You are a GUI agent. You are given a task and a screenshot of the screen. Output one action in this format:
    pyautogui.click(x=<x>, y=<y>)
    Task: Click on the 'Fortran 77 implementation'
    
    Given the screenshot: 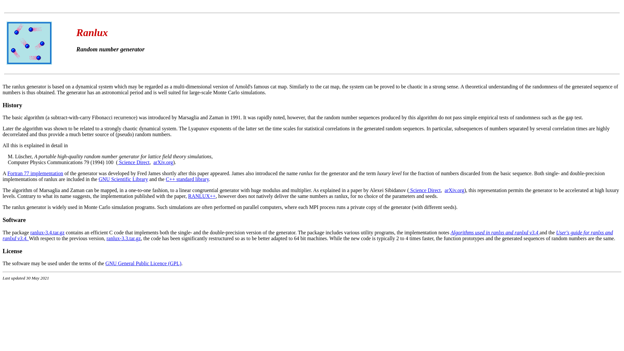 What is the action you would take?
    pyautogui.click(x=35, y=173)
    